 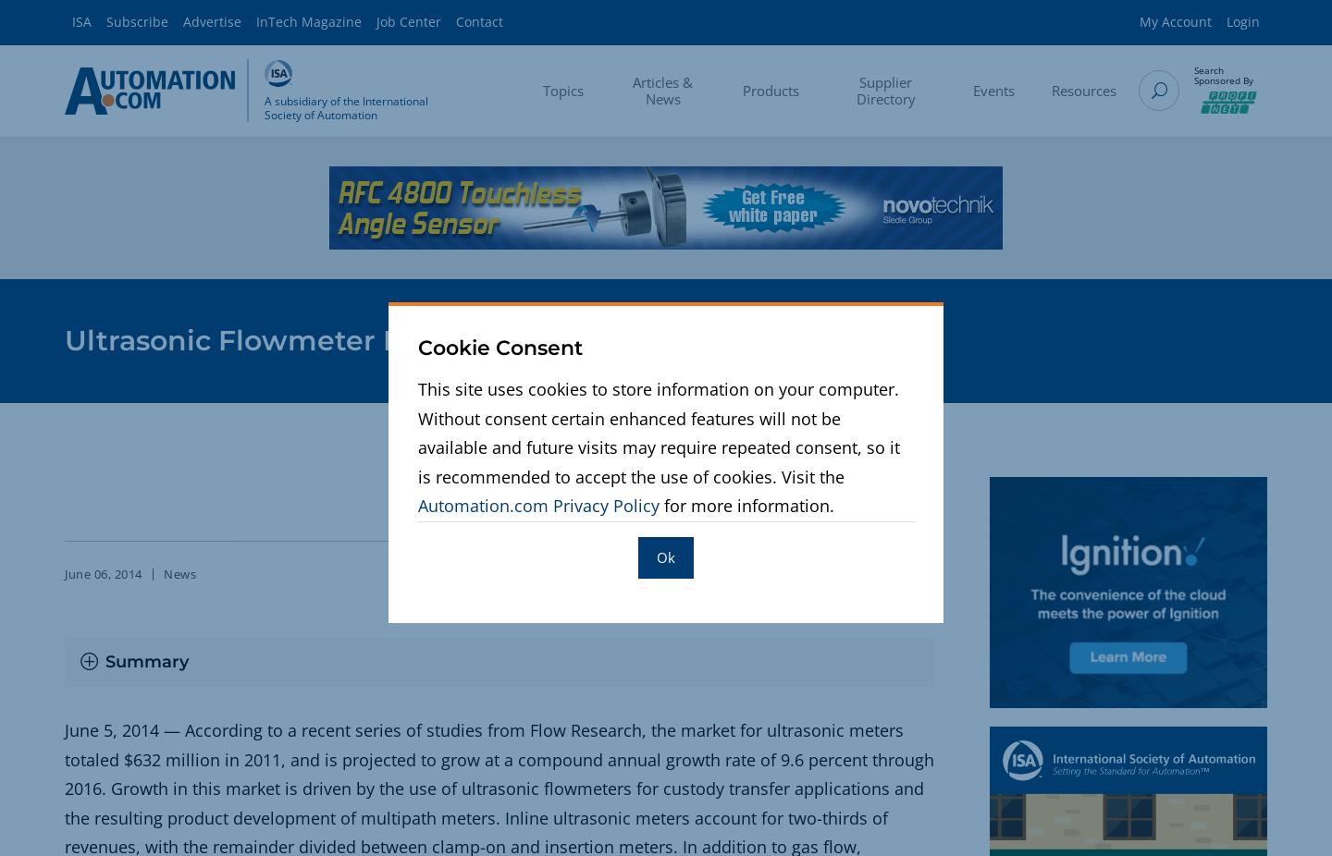 What do you see at coordinates (1241, 20) in the screenshot?
I see `'Login'` at bounding box center [1241, 20].